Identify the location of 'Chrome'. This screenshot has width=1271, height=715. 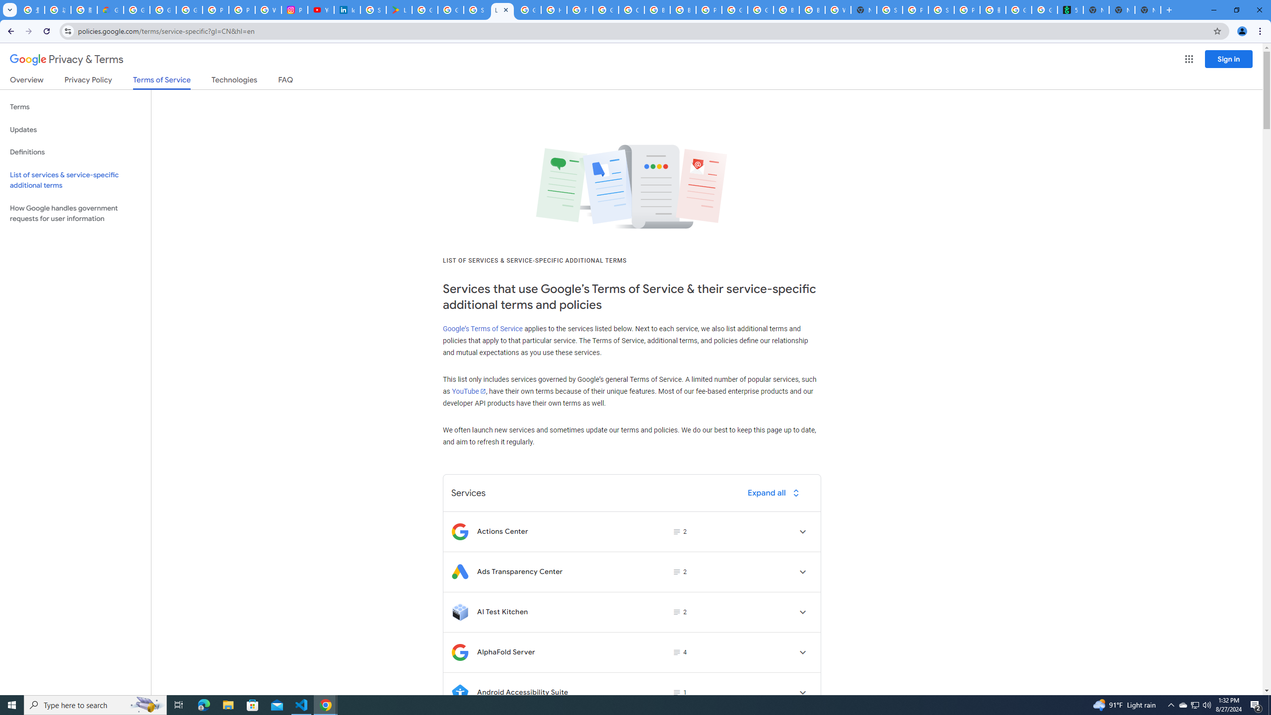
(1261, 31).